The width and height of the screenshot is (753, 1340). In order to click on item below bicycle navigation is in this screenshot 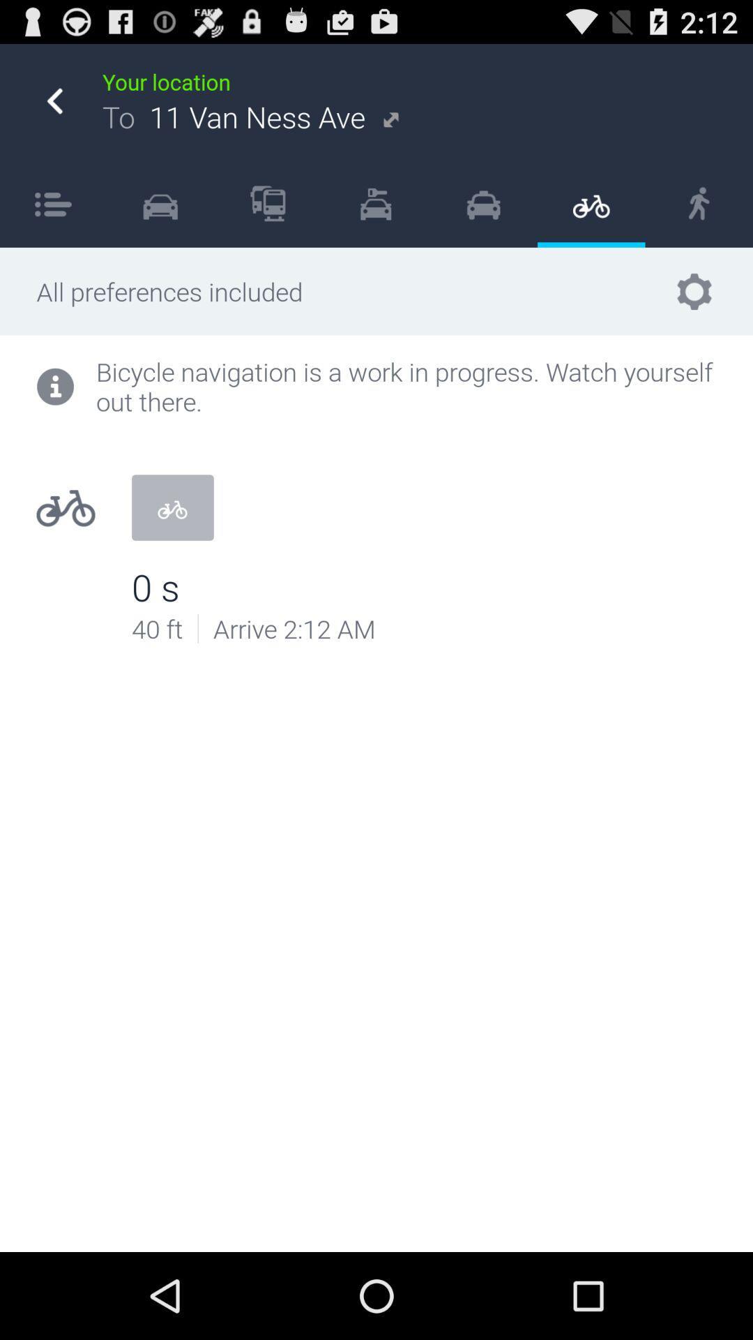, I will do `click(198, 627)`.